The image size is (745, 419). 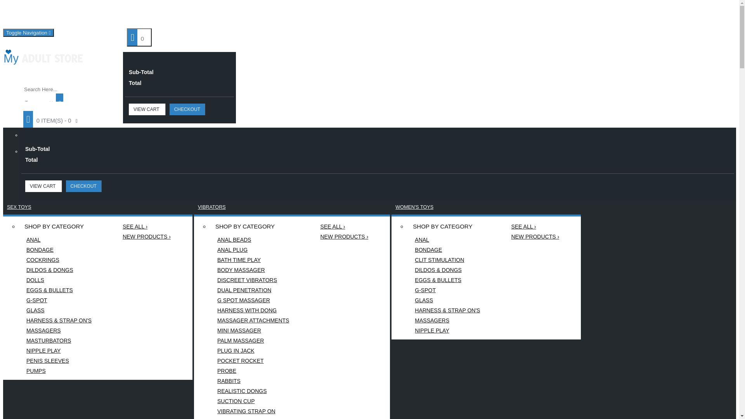 I want to click on 'PLUG IN JACK', so click(x=209, y=350).